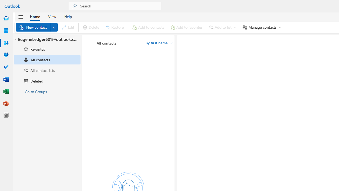 The image size is (339, 191). Describe the element at coordinates (159, 43) in the screenshot. I see `'Sorting options. Sort by By first name selected'` at that location.